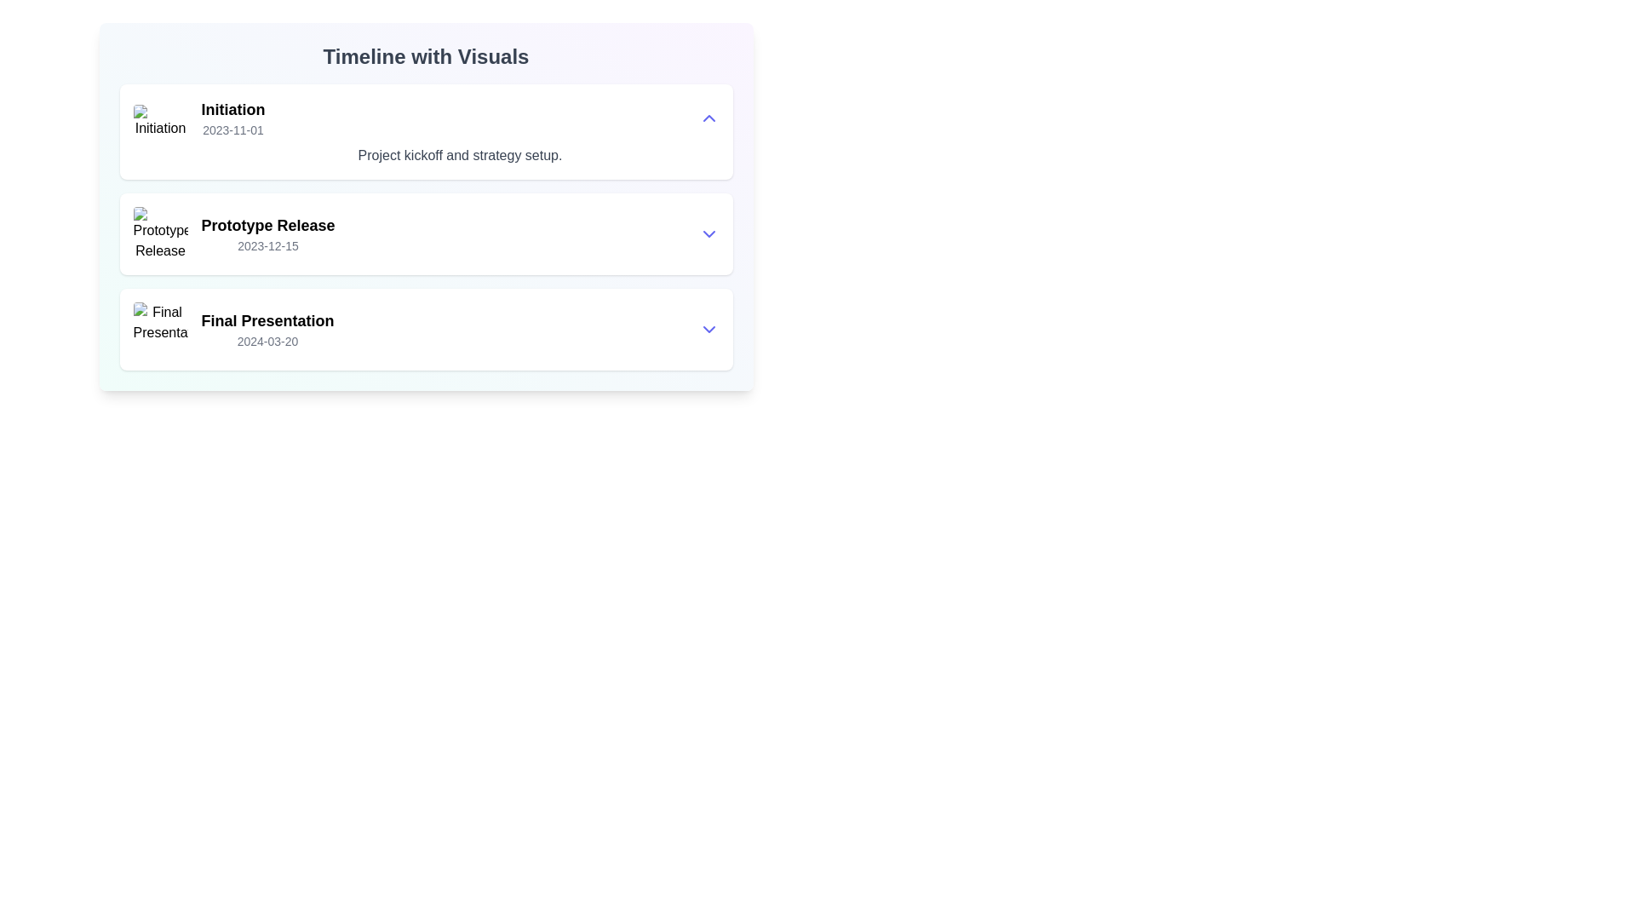  Describe the element at coordinates (160, 329) in the screenshot. I see `the square-shaped thumbnail image with rounded corners located within the 'Final Presentation' list item, which is labeled with the date '2024-03-20'` at that location.